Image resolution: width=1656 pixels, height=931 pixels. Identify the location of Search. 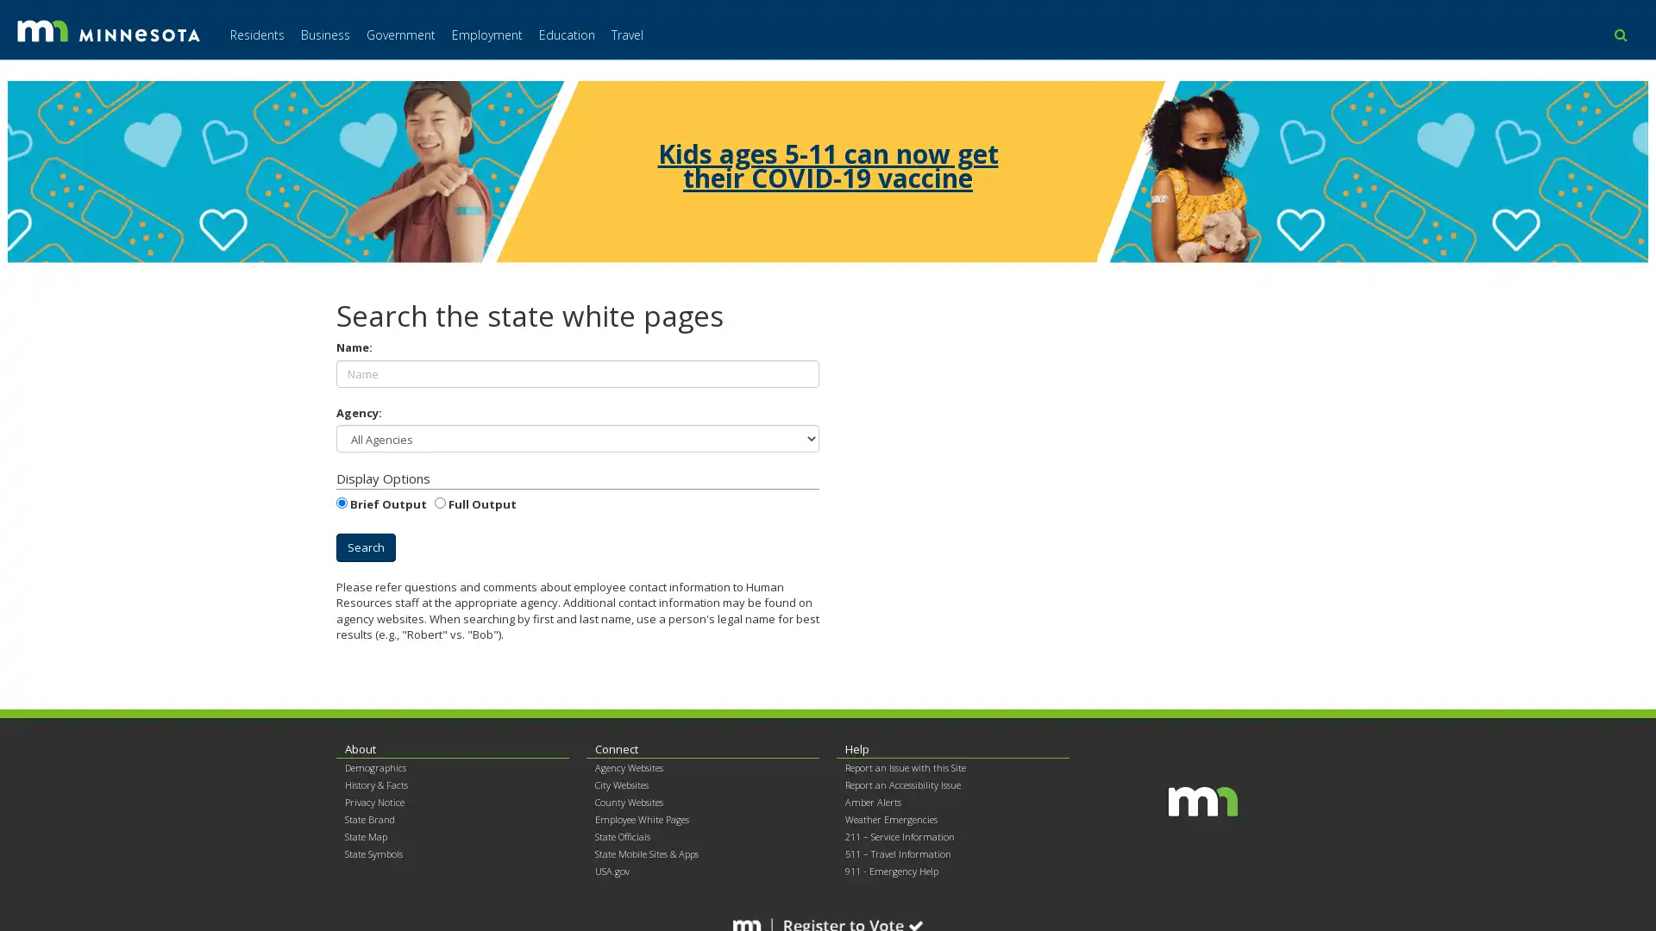
(365, 547).